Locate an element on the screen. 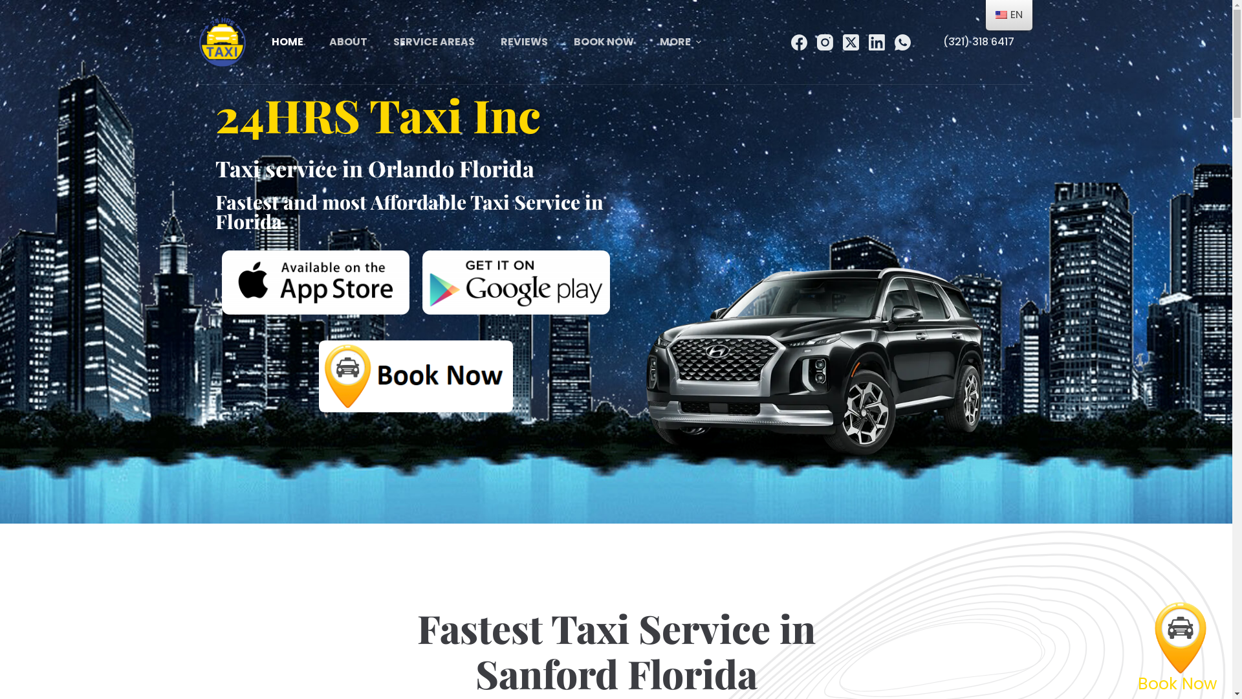  'Skip to content' is located at coordinates (12, 6).